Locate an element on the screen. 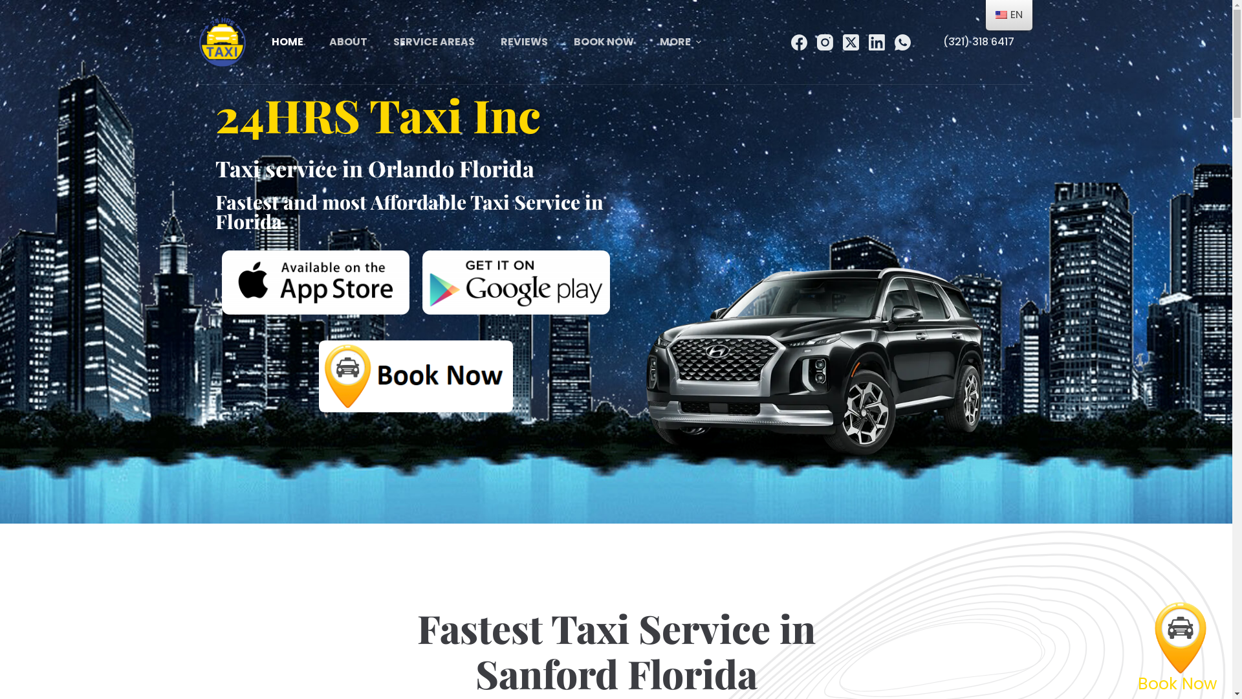  'Skip to content' is located at coordinates (12, 6).